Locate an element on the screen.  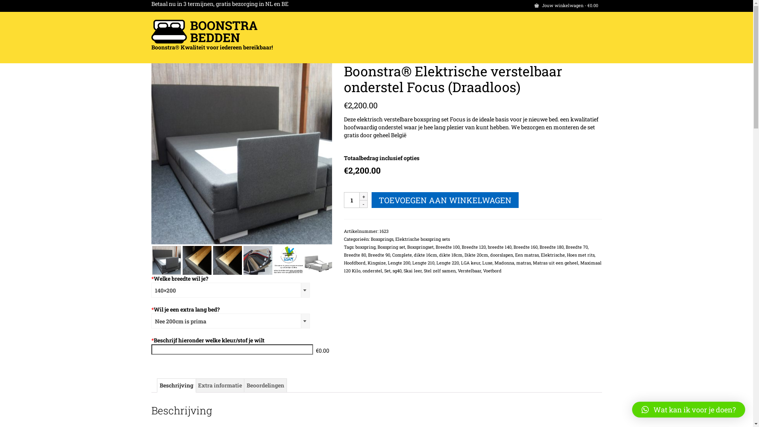
'Set' is located at coordinates (387, 270).